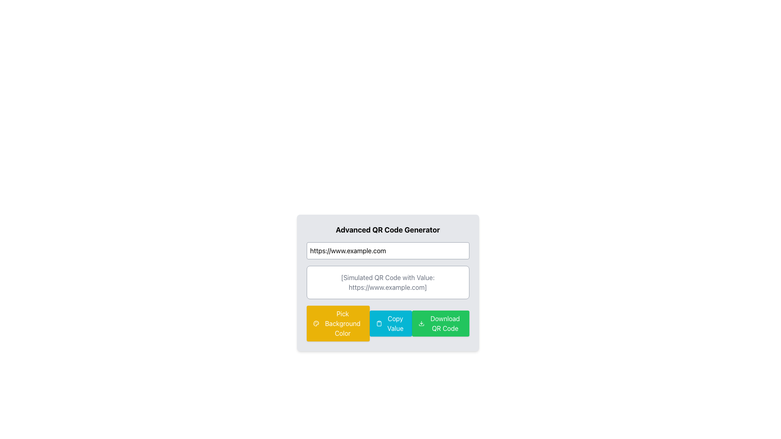 The image size is (781, 439). I want to click on the center button in the horizontal button group at the bottom of the card to copy the value to the clipboard, so click(390, 323).